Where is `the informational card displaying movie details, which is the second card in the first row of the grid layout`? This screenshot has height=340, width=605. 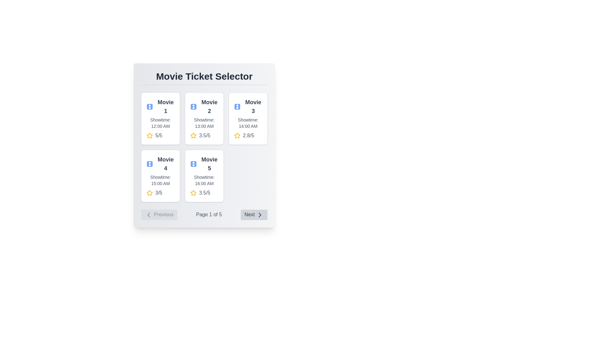 the informational card displaying movie details, which is the second card in the first row of the grid layout is located at coordinates (204, 119).